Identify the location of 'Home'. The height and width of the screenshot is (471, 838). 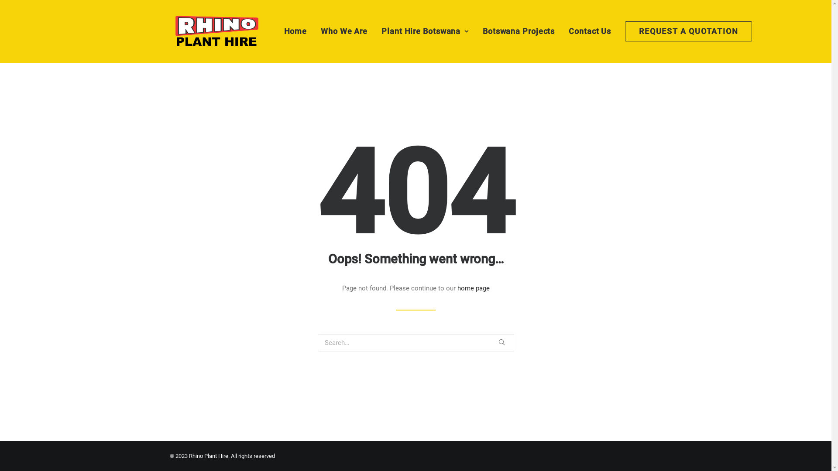
(299, 31).